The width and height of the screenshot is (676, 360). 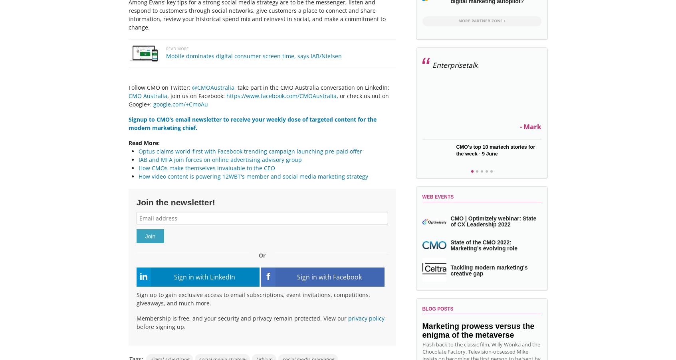 I want to click on 'Or', so click(x=262, y=255).